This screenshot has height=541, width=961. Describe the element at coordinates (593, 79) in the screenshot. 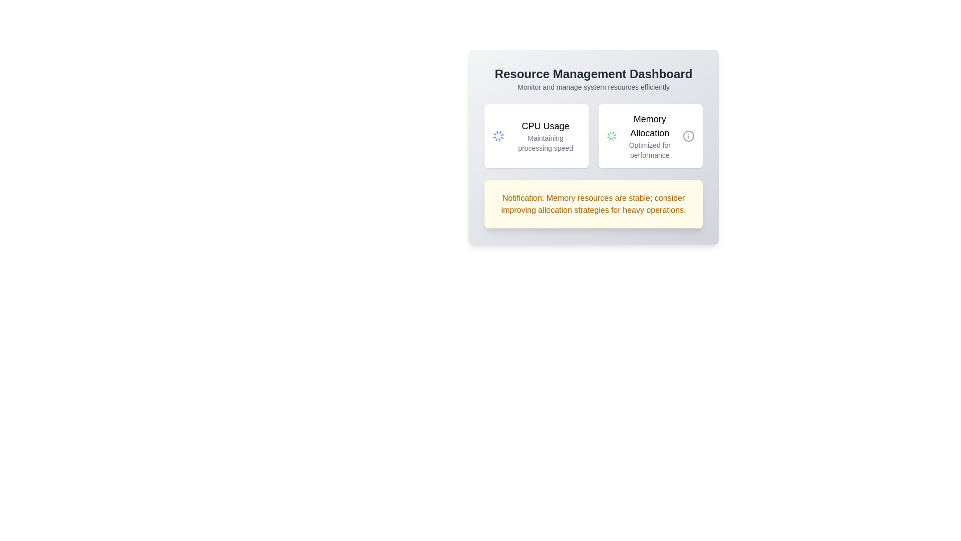

I see `the header text block titled 'Resource Management Dashboard' with subtitle 'Monitor and manage system resources efficiently', which is centrally aligned at the top of the card-layout component` at that location.